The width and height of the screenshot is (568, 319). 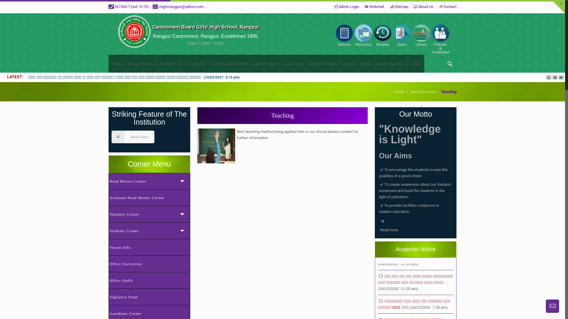 I want to click on 'Edu Institute', so click(x=134, y=34).